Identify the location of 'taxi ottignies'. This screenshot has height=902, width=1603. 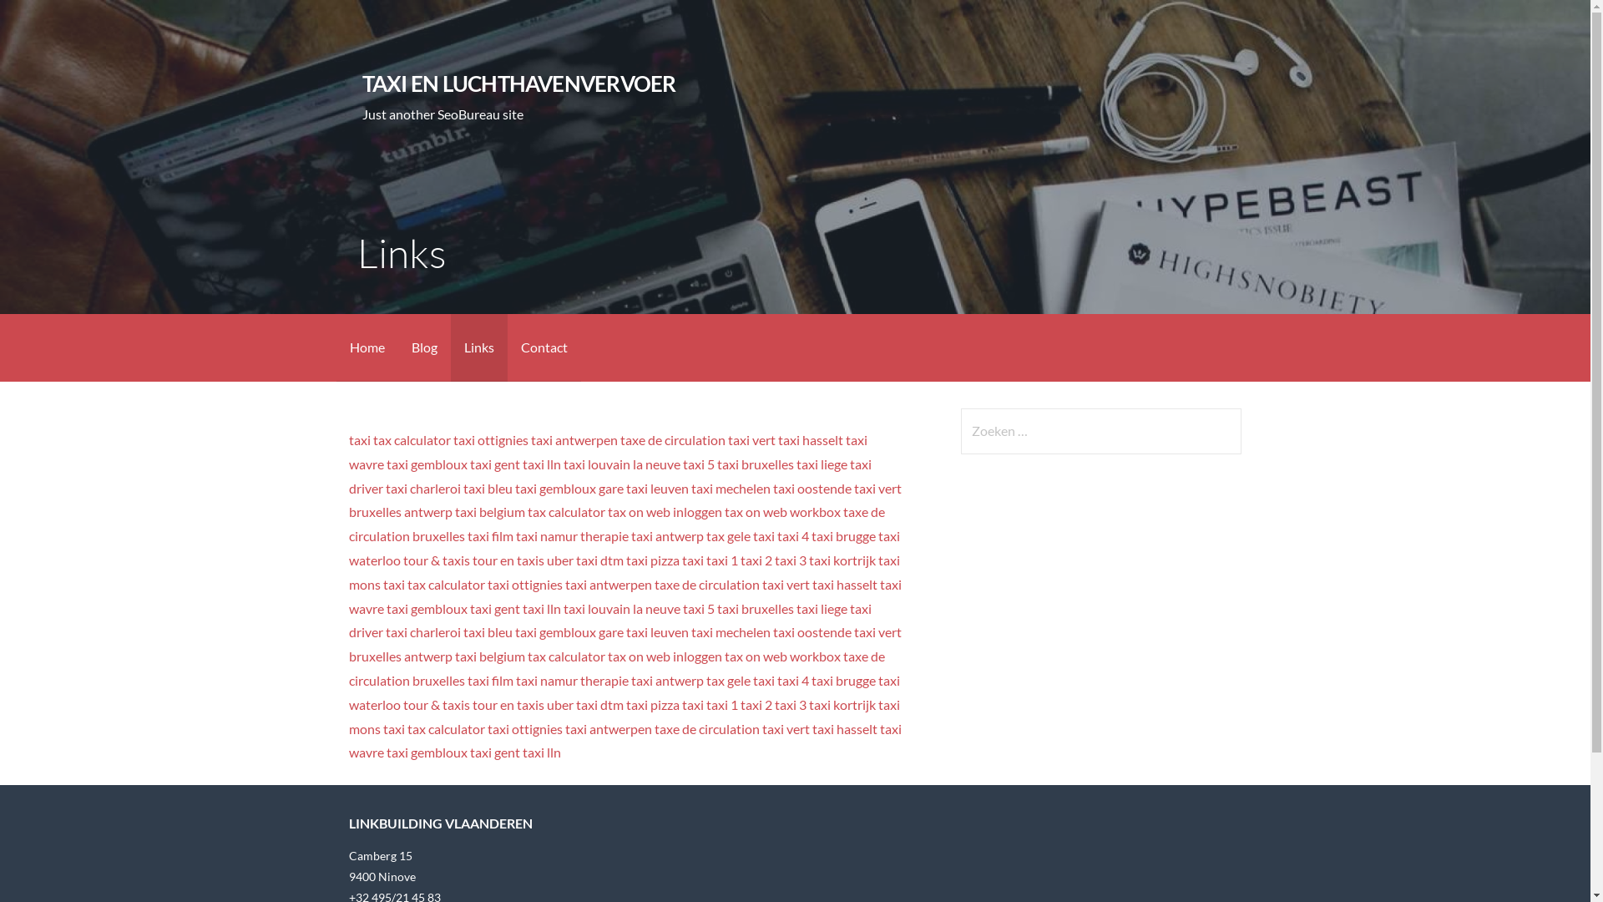
(490, 438).